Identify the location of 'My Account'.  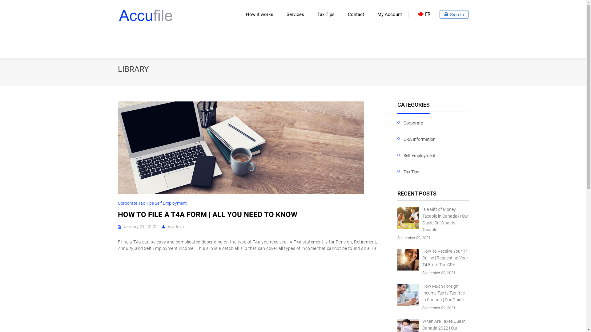
(377, 14).